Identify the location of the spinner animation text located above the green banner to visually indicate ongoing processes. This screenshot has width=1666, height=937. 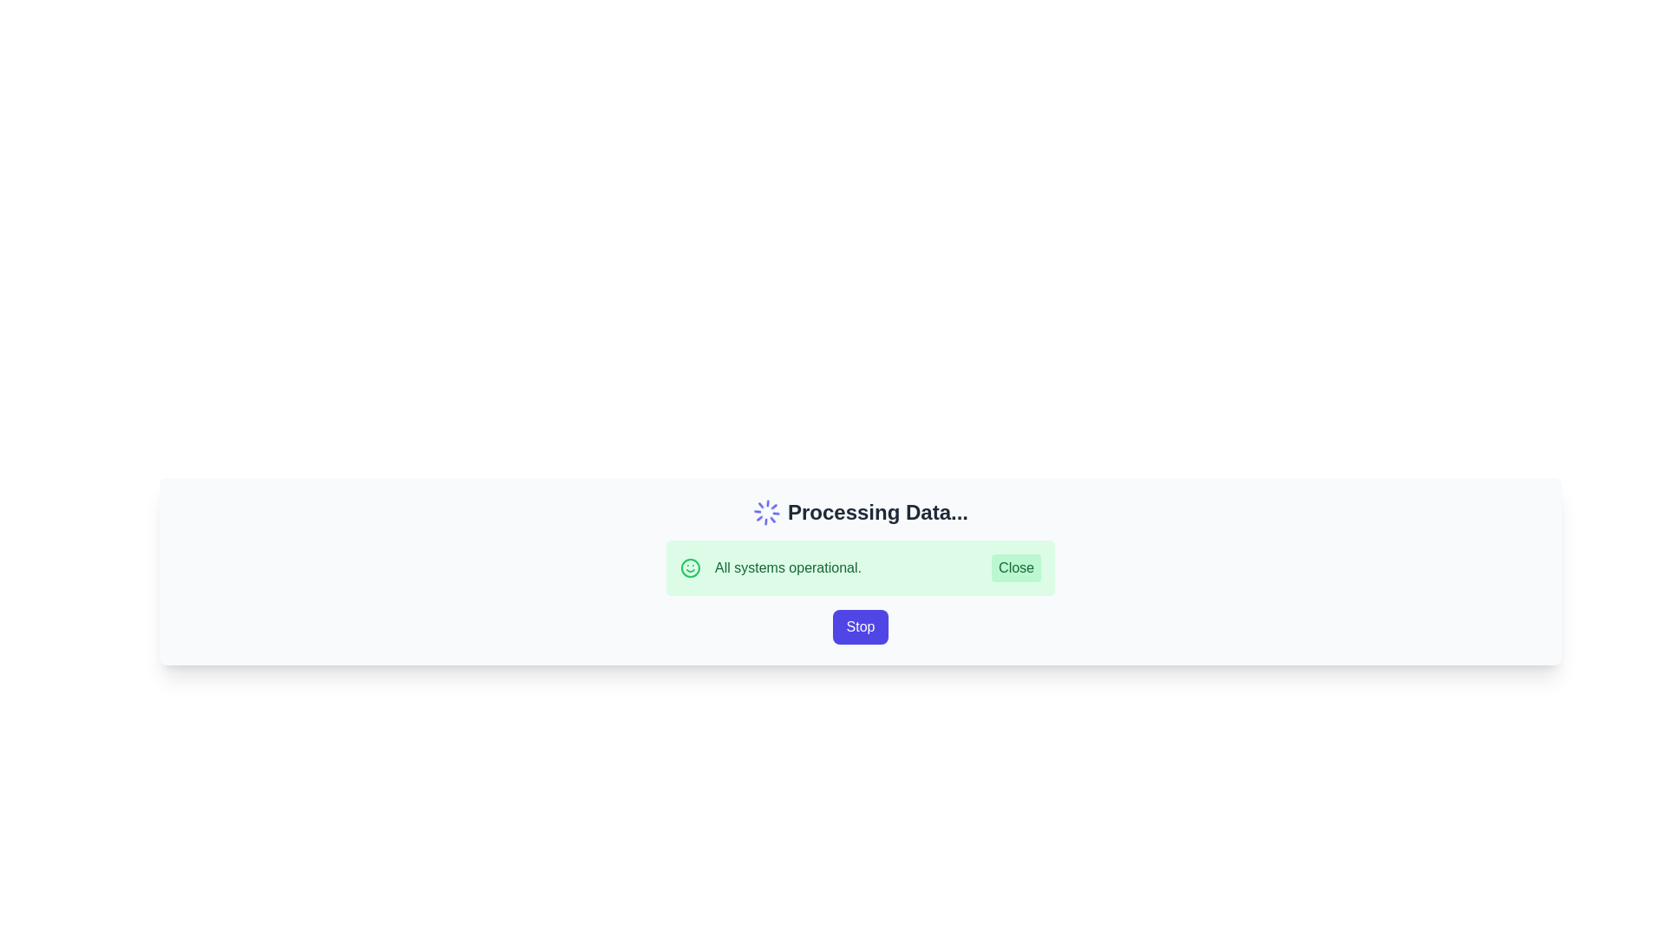
(861, 511).